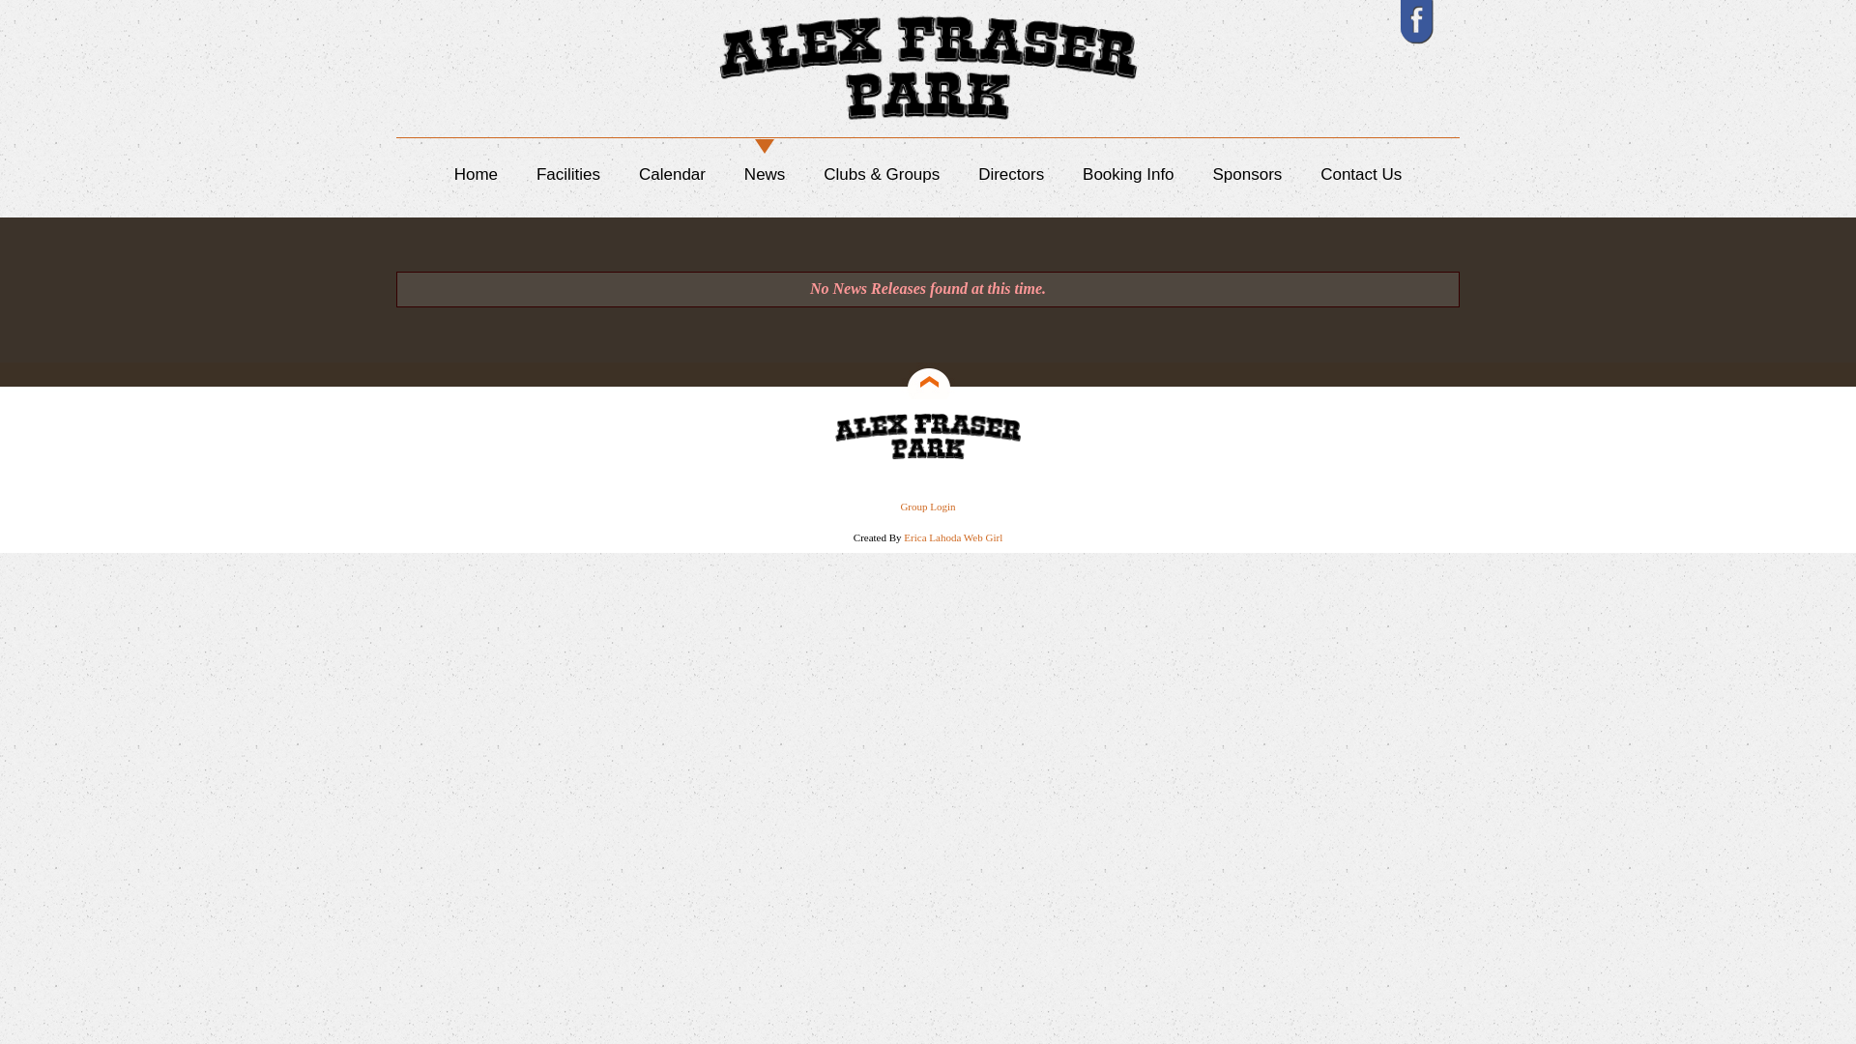 This screenshot has height=1044, width=1856. What do you see at coordinates (764, 174) in the screenshot?
I see `'News'` at bounding box center [764, 174].